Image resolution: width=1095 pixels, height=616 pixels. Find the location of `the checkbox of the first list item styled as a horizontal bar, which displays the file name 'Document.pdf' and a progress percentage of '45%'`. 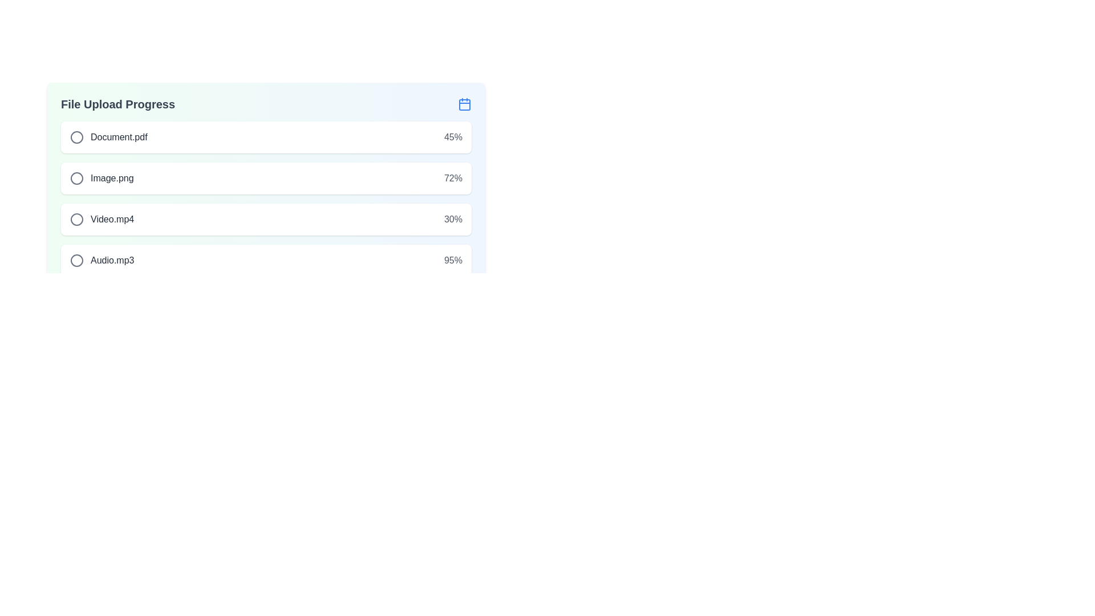

the checkbox of the first list item styled as a horizontal bar, which displays the file name 'Document.pdf' and a progress percentage of '45%' is located at coordinates (265, 136).